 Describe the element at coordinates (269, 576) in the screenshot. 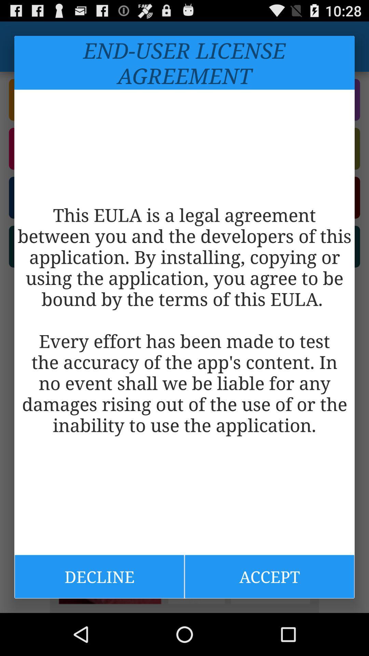

I see `the accept item` at that location.